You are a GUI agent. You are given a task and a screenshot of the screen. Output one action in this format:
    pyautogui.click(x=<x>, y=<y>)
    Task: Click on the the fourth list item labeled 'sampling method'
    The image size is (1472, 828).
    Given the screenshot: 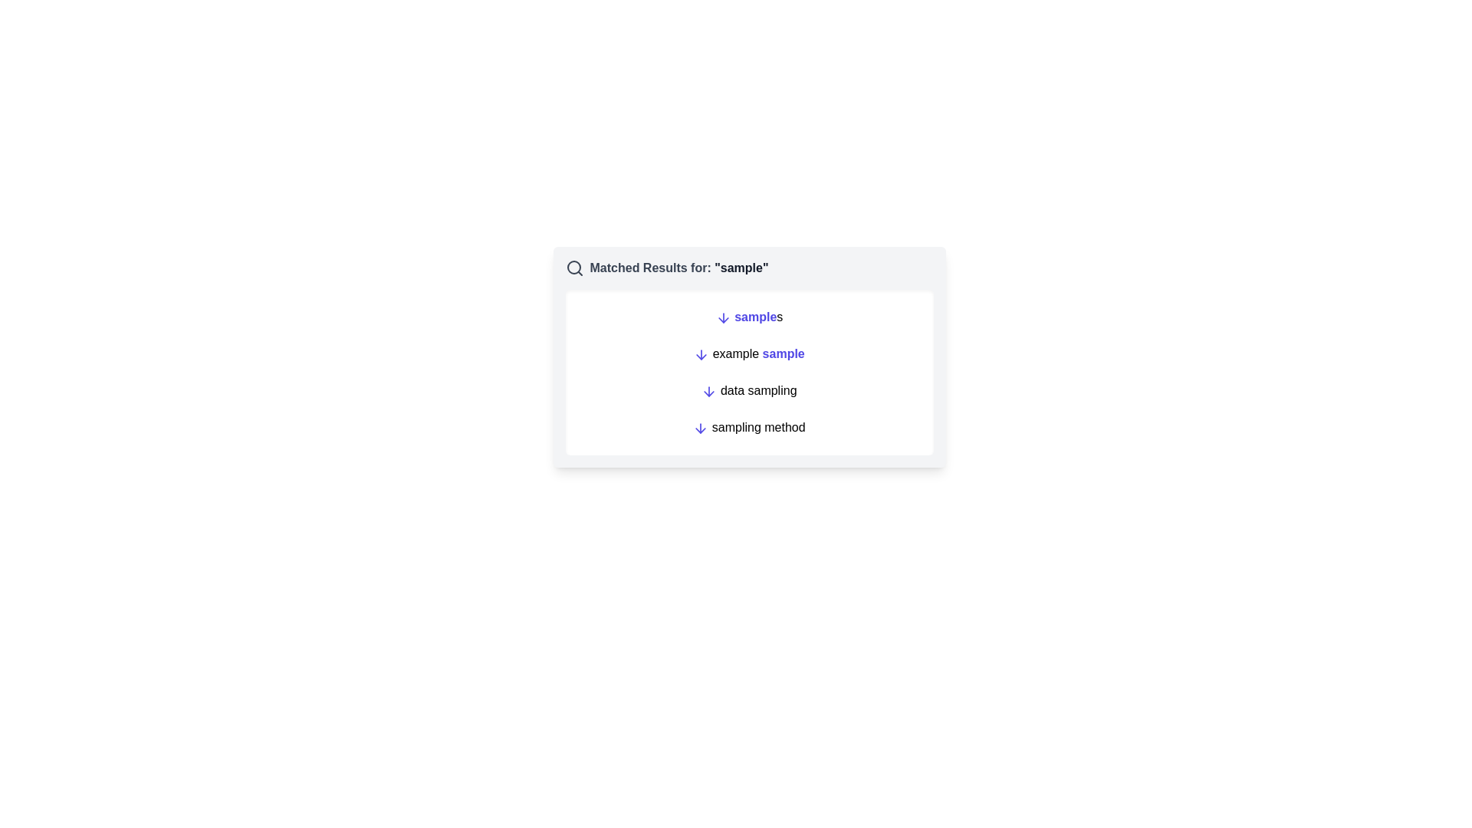 What is the action you would take?
    pyautogui.click(x=749, y=428)
    